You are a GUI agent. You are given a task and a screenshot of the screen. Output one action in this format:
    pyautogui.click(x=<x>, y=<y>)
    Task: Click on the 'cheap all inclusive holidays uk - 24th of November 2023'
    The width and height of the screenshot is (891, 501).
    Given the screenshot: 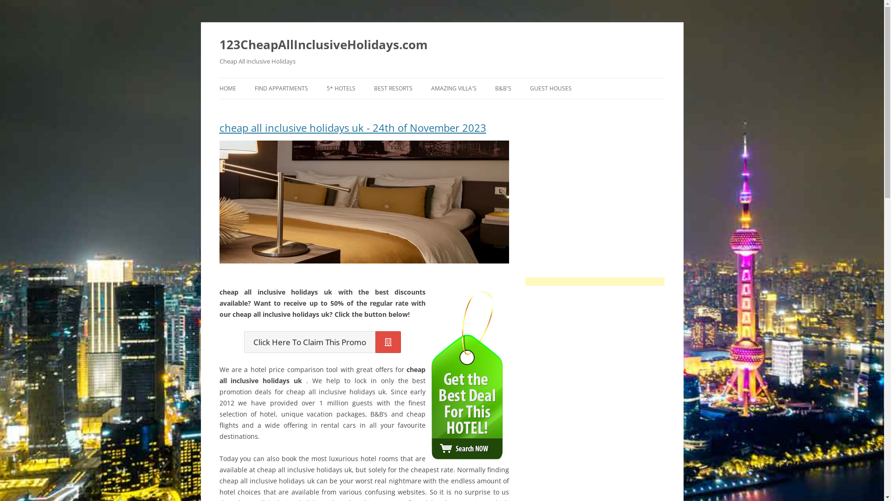 What is the action you would take?
    pyautogui.click(x=363, y=131)
    